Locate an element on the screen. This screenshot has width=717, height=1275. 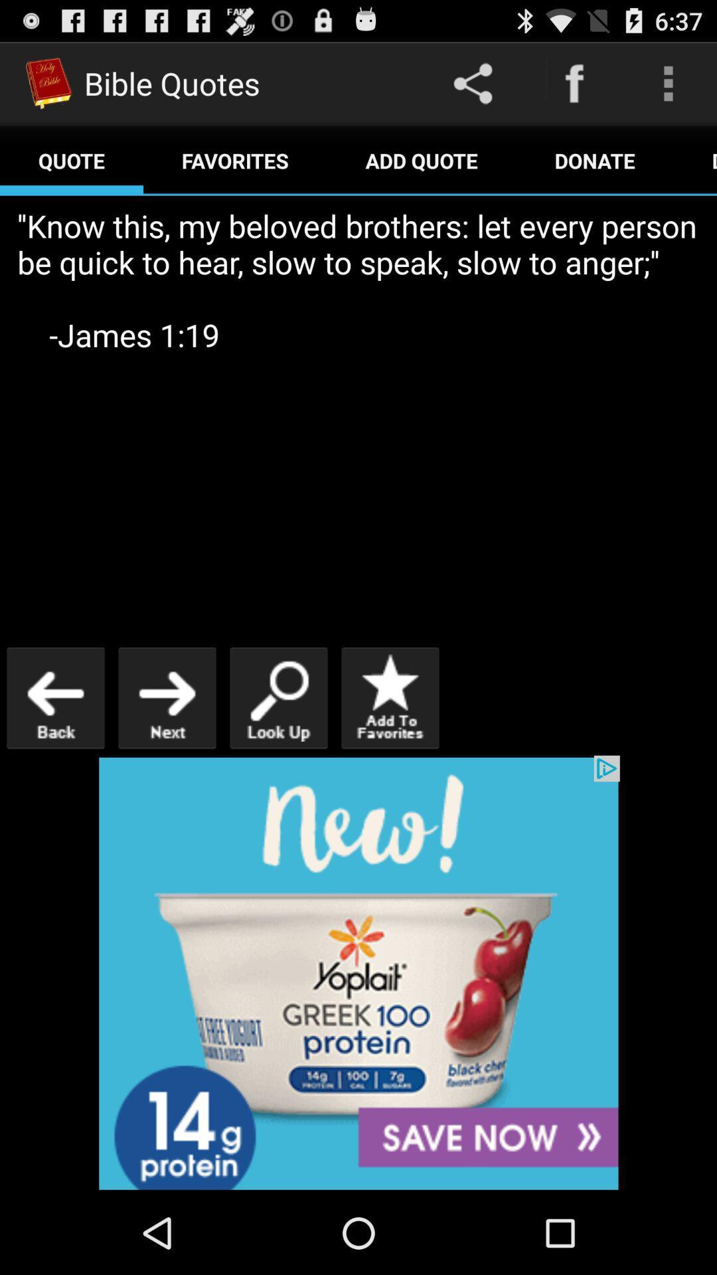
search is located at coordinates (278, 697).